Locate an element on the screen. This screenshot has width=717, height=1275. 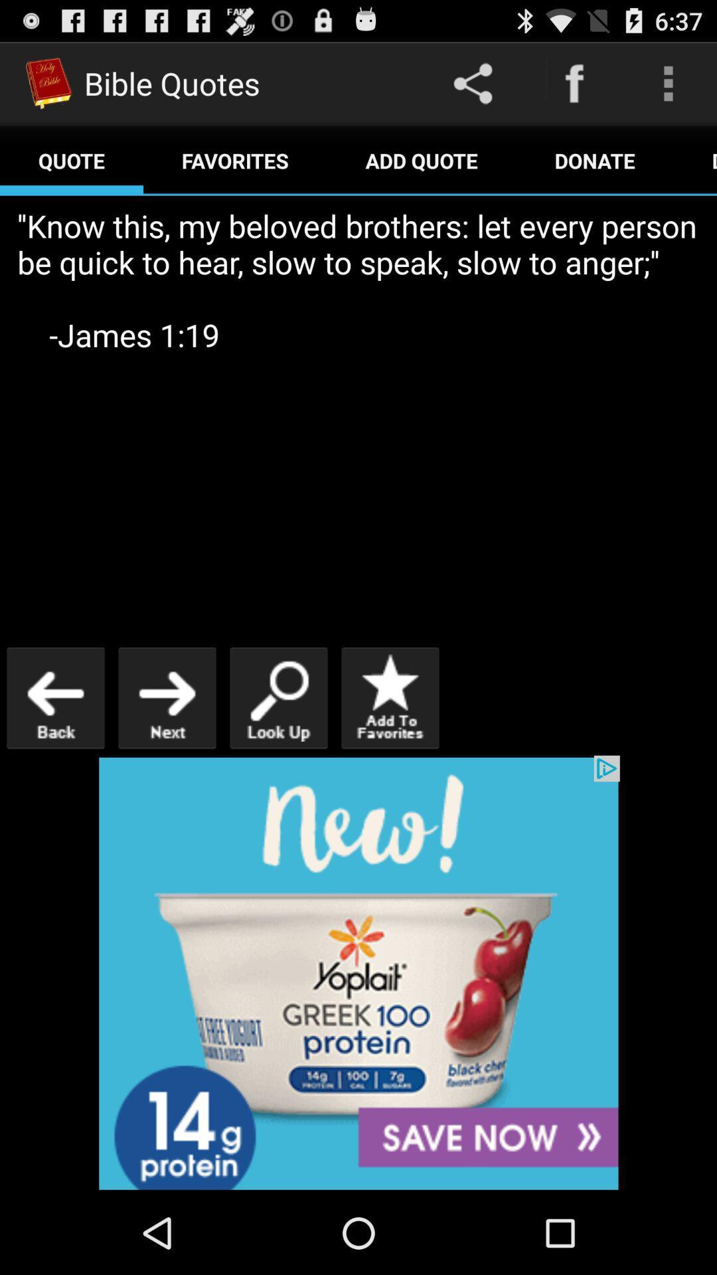
search is located at coordinates (278, 697).